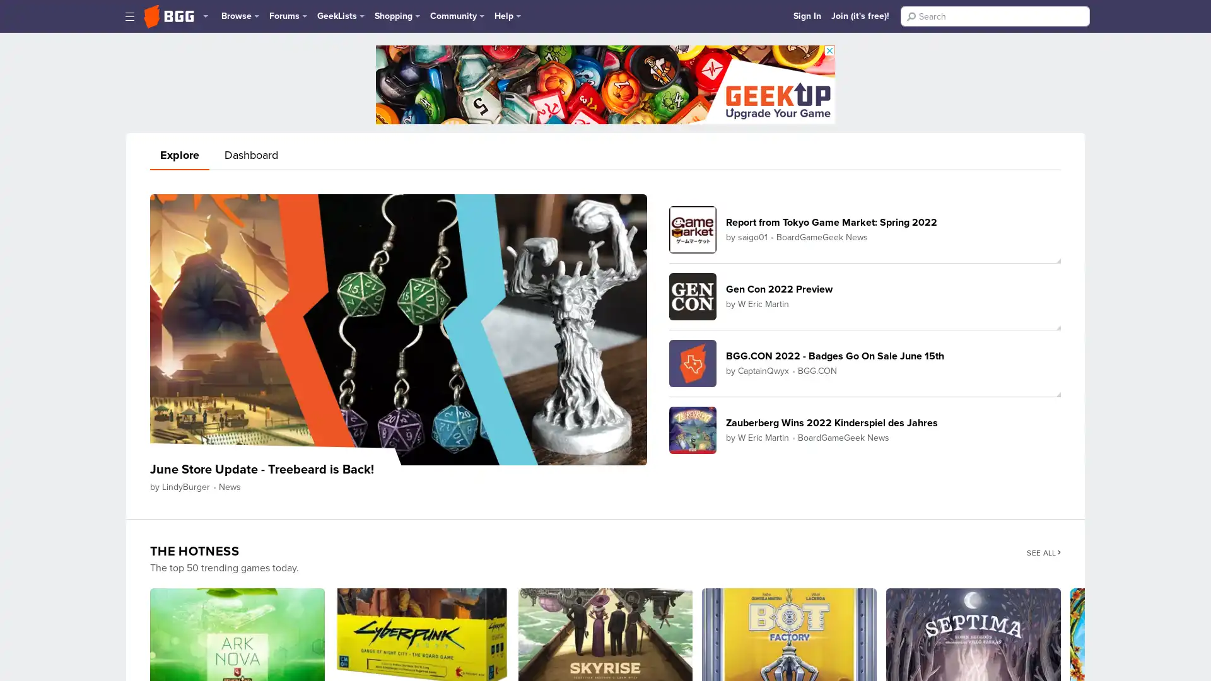 This screenshot has width=1211, height=681. I want to click on More Geek Sites, so click(205, 16).